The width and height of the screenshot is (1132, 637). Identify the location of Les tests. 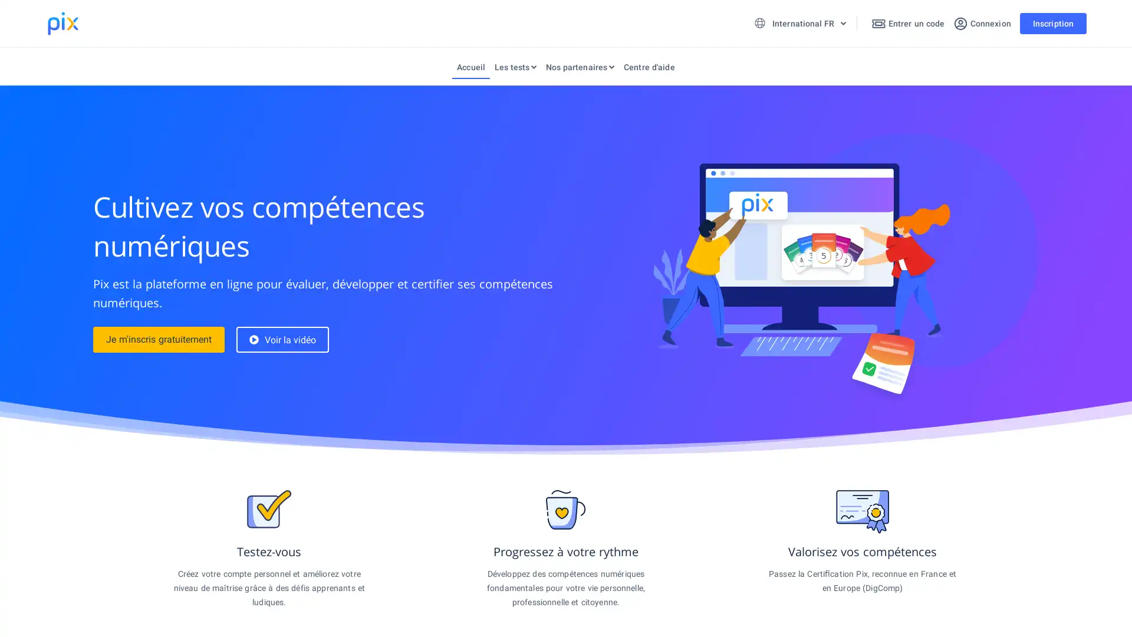
(515, 70).